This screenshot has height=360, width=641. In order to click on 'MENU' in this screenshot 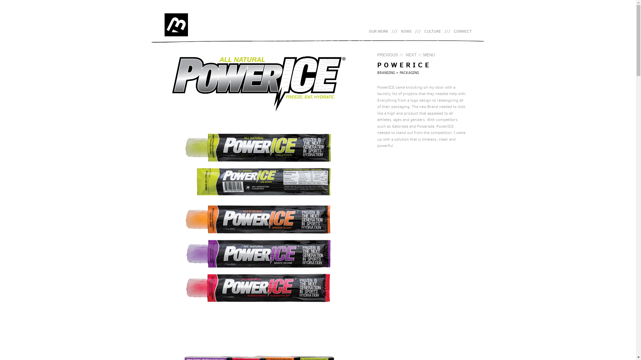, I will do `click(429, 55)`.